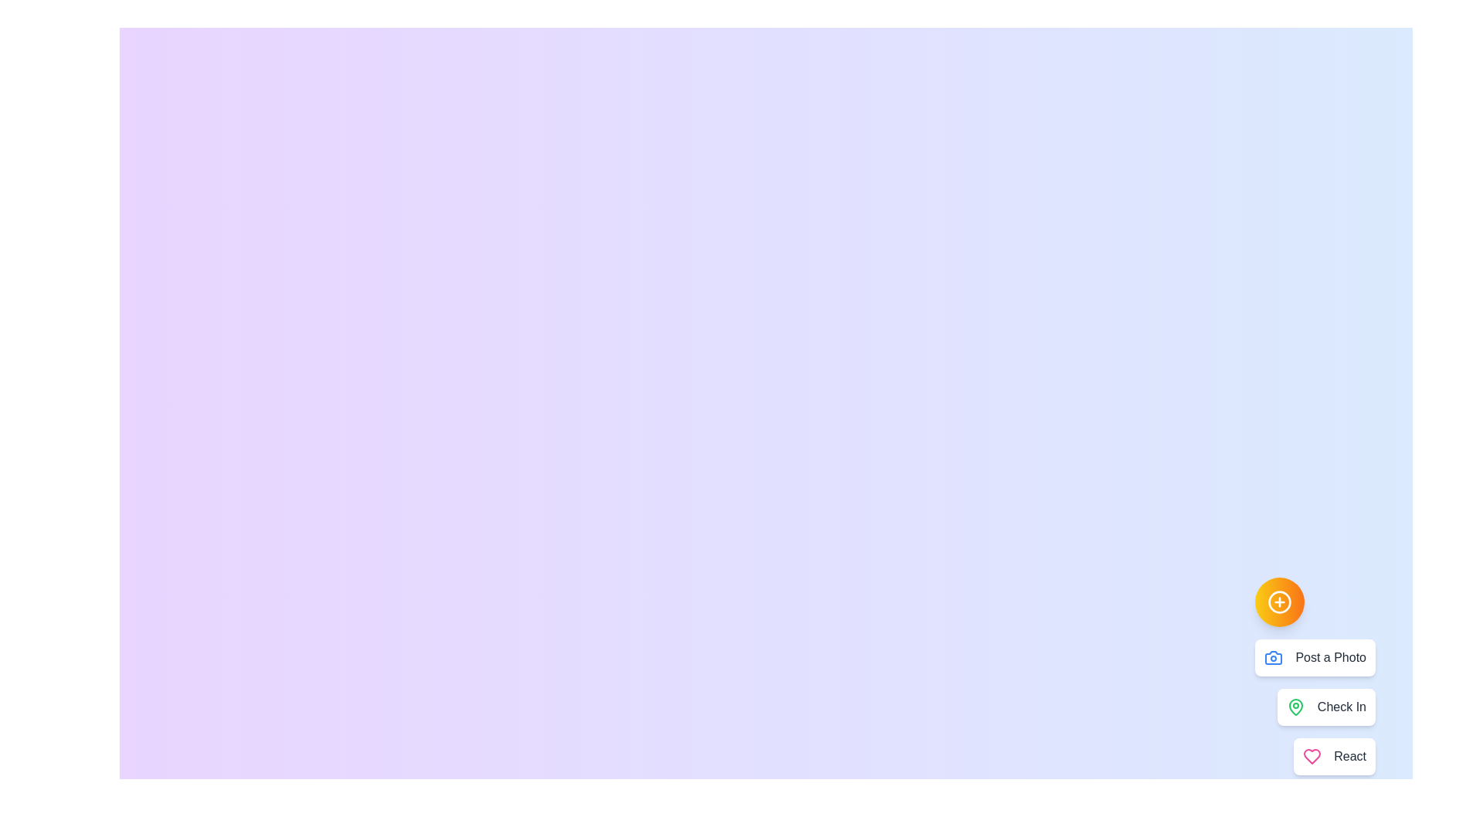 The image size is (1483, 834). I want to click on the option labeled React to observe its hover effect, so click(1334, 755).